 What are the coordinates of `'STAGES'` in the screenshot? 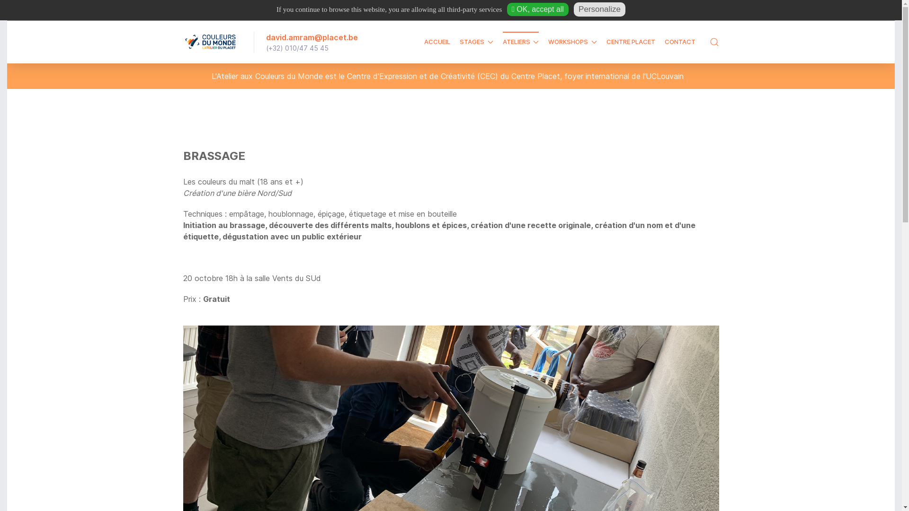 It's located at (459, 41).